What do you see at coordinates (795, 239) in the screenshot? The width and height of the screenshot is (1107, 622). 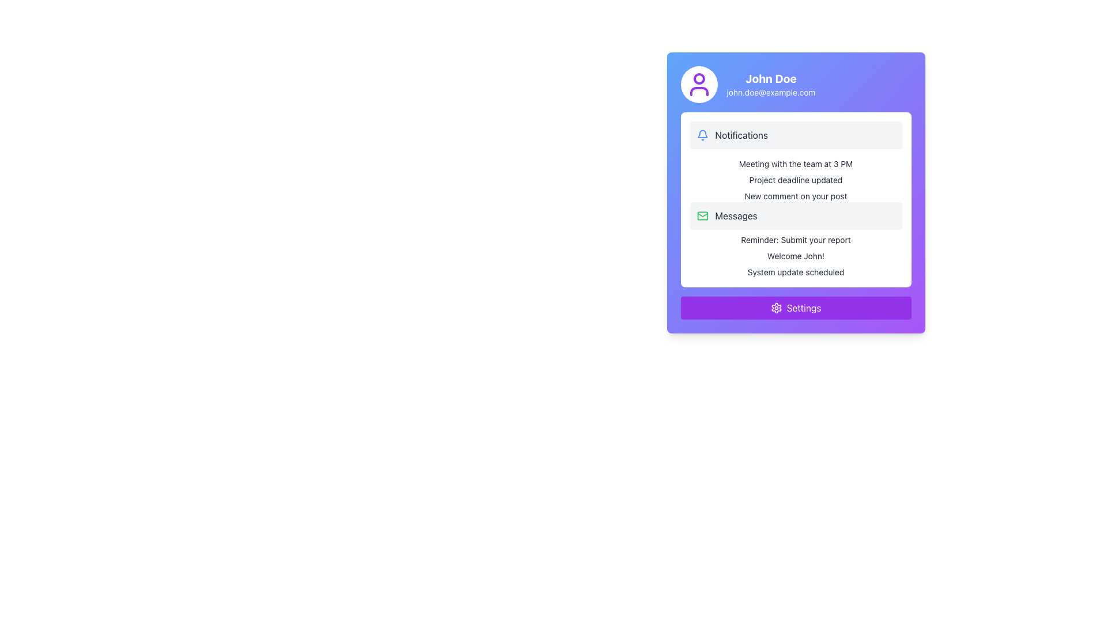 I see `the informational text displaying 'Reminder: Submit your report' located in the 'Messages' section of the interface` at bounding box center [795, 239].